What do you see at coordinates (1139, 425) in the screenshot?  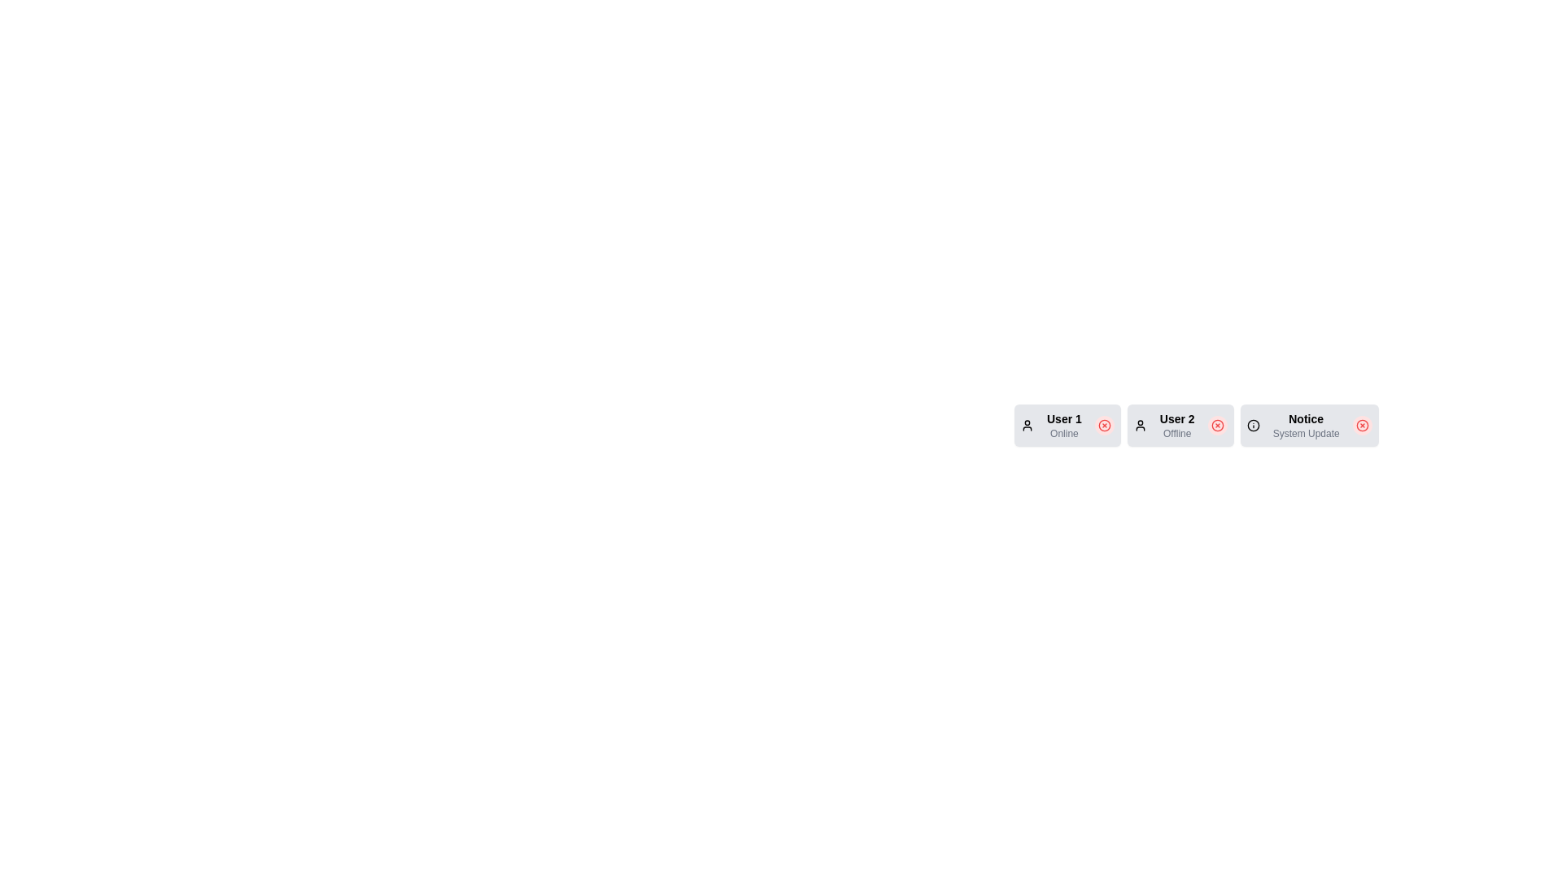 I see `the icon associated with the chip labeled User 2` at bounding box center [1139, 425].